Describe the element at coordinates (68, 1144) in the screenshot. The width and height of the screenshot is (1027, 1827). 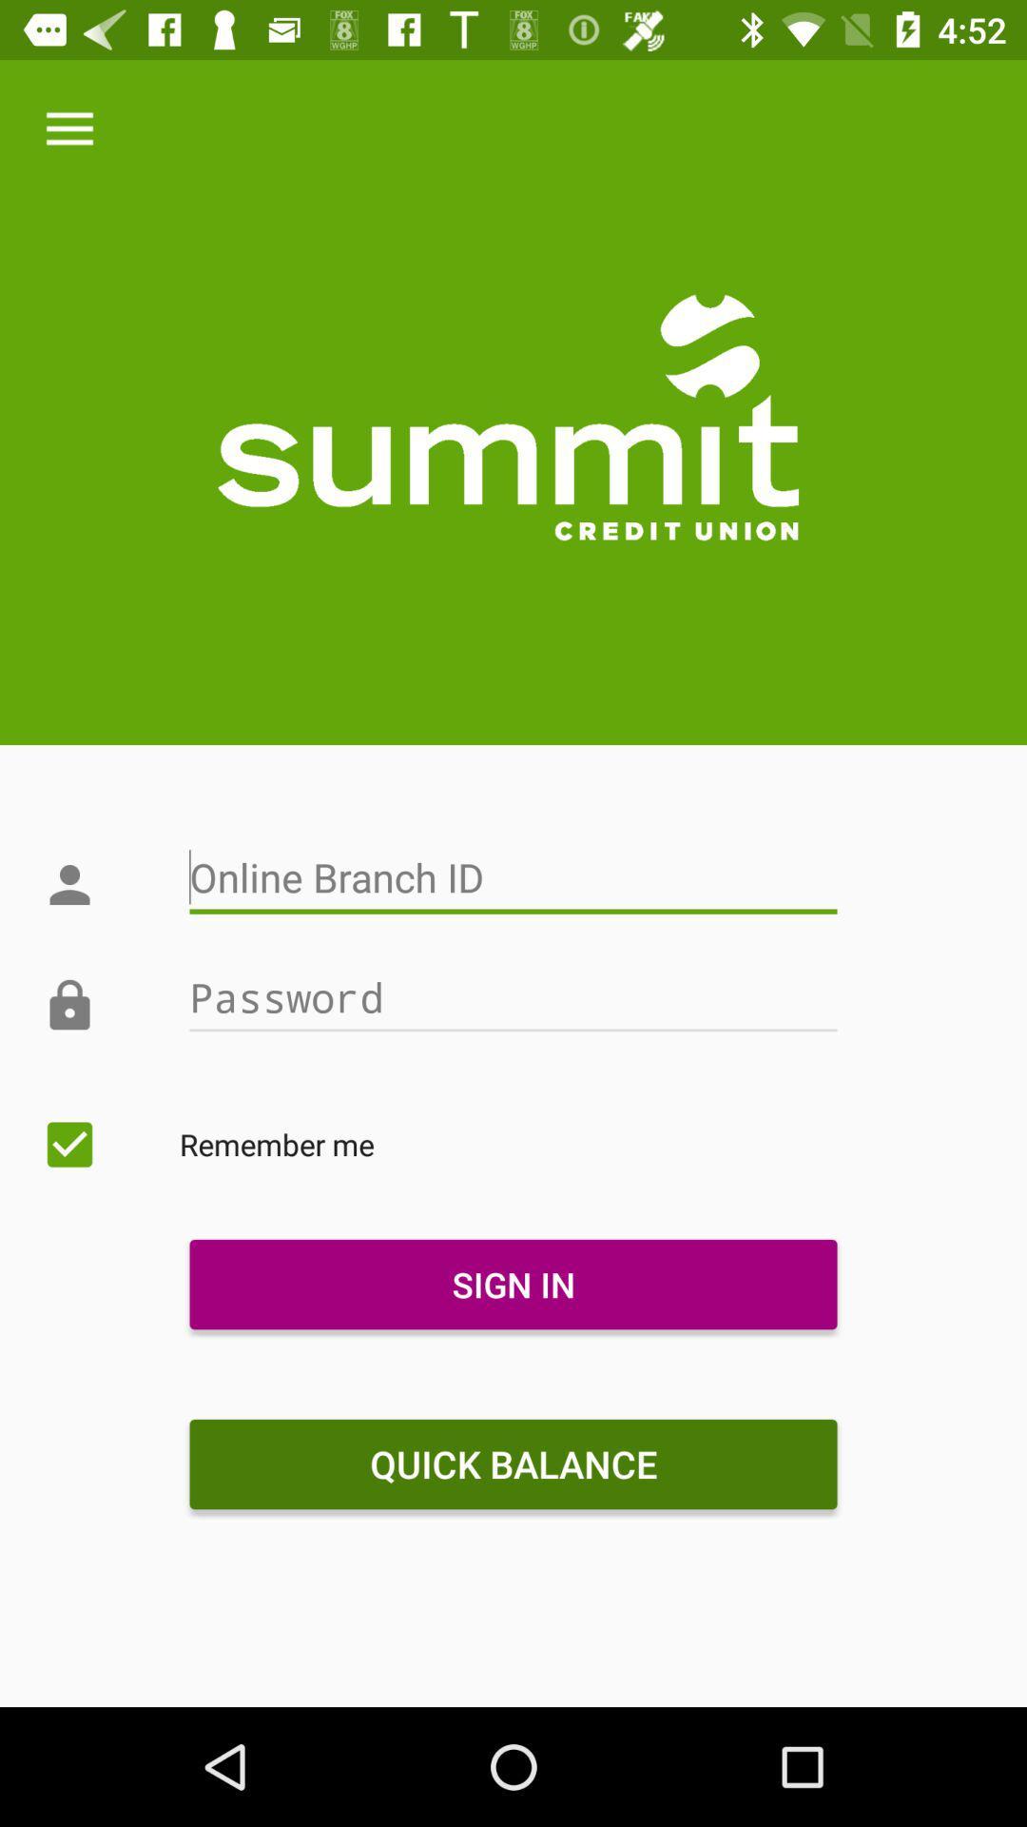
I see `the icon next to the remember me` at that location.